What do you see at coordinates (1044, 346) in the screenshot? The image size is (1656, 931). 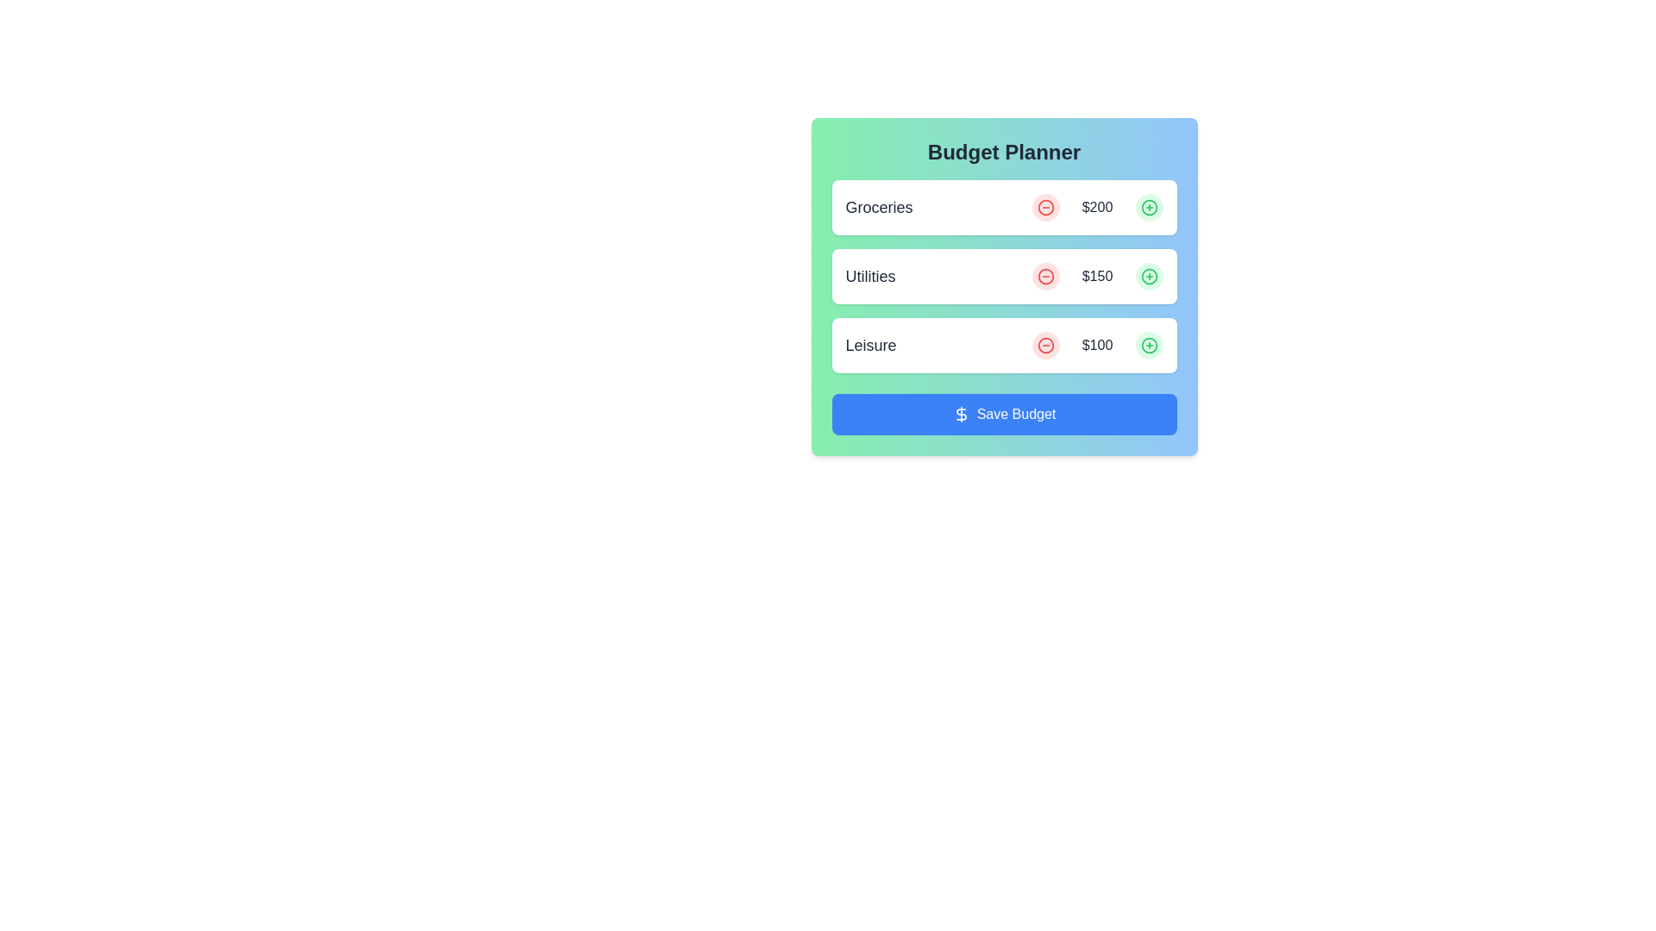 I see `the red stroke circular shape in the third row next to the 'Leisure' label in the budget planner interface` at bounding box center [1044, 346].